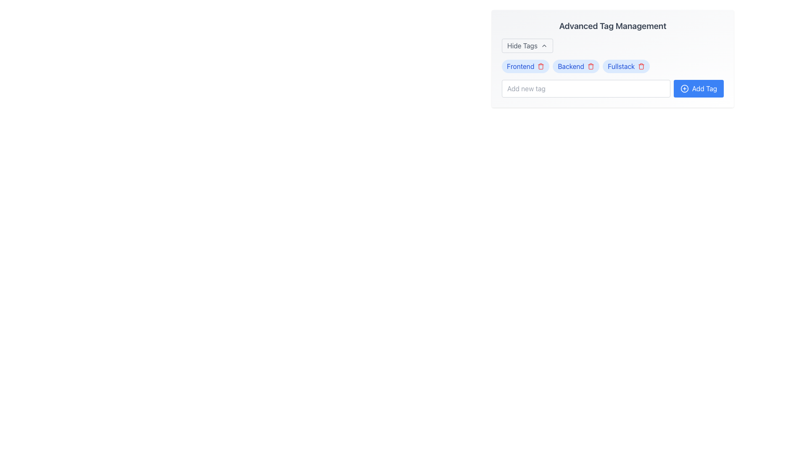 The height and width of the screenshot is (454, 807). Describe the element at coordinates (704, 89) in the screenshot. I see `the 'Add Tag' button located at the bottom-right of the 'Advanced Tag Management' panel, which features a circular icon on its left and an input field adjacent to it` at that location.